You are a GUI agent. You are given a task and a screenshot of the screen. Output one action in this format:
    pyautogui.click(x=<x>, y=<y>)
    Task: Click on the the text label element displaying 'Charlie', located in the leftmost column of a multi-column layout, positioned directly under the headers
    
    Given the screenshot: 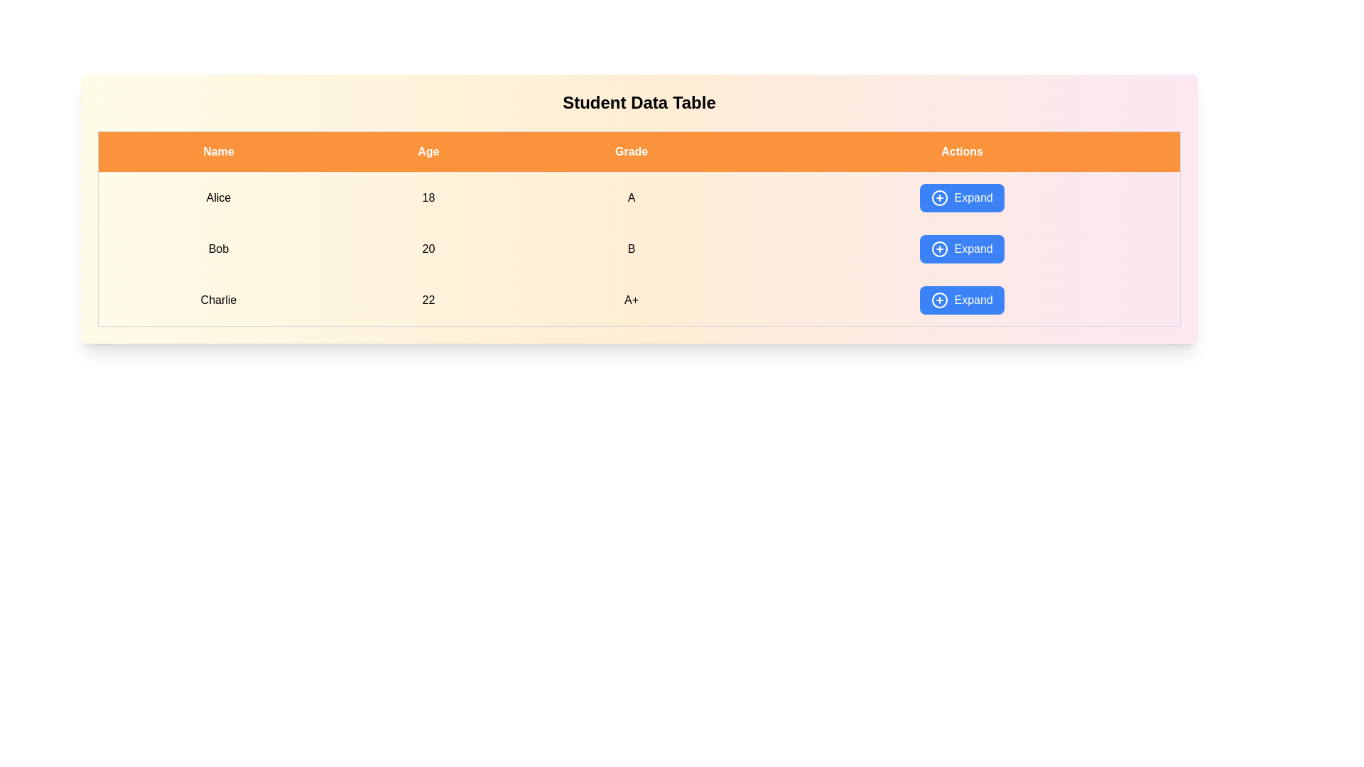 What is the action you would take?
    pyautogui.click(x=217, y=300)
    